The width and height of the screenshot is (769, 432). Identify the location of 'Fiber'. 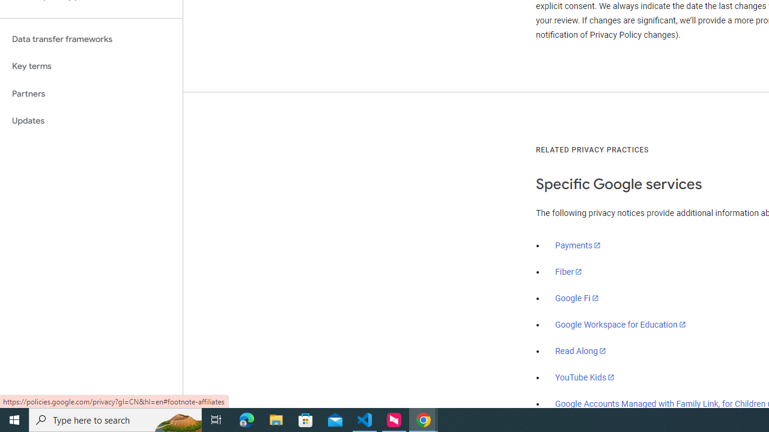
(568, 272).